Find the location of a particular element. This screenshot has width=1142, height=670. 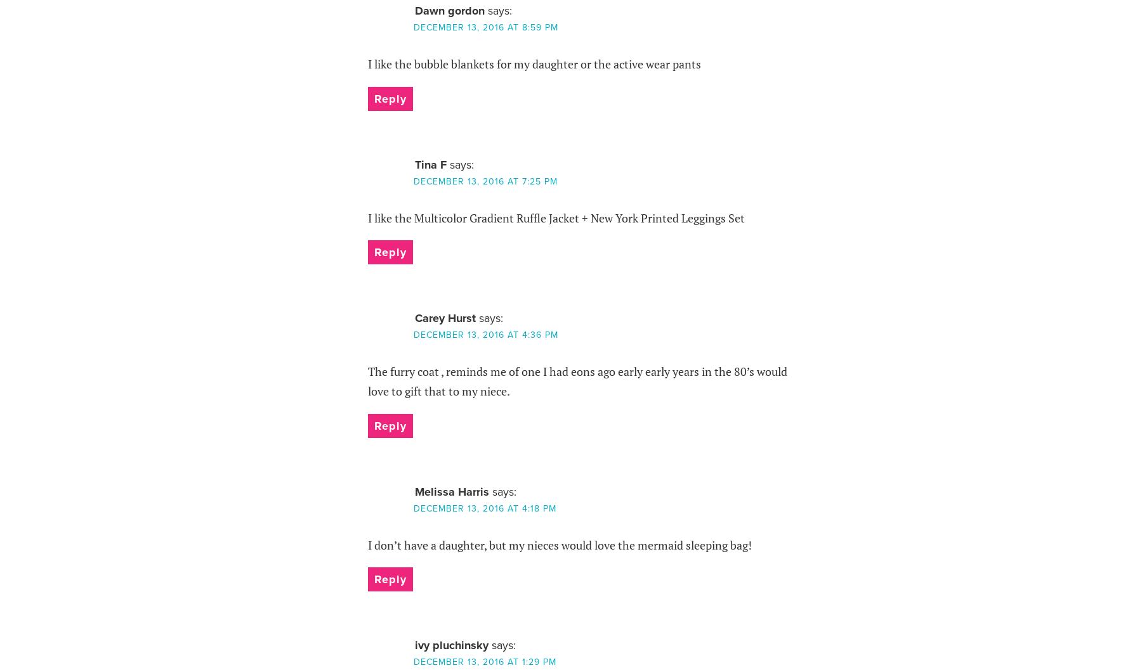

'December 13, 2016 at 4:36 pm' is located at coordinates (485, 335).